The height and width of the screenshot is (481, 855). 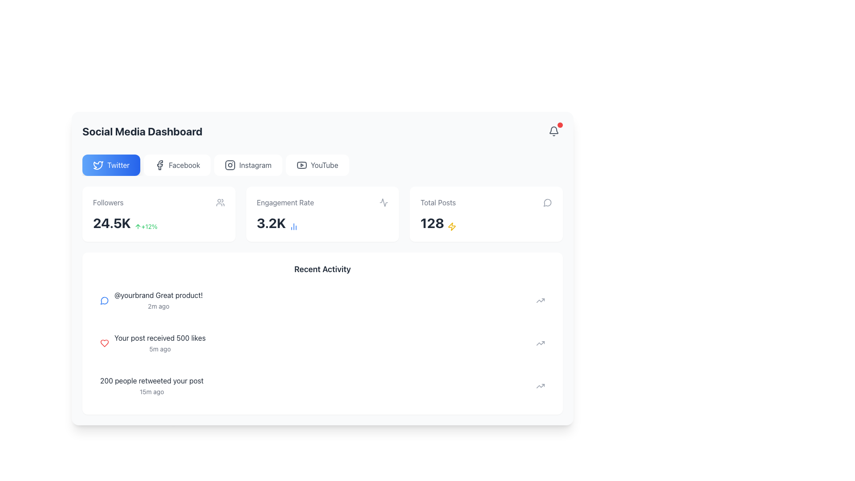 I want to click on the bold, large-text figure displaying '3.2K' in dark gray color, which is the primary numerical figure in the 'Engagement Rate' card located in the middle card of a row of three cards, so click(x=271, y=223).